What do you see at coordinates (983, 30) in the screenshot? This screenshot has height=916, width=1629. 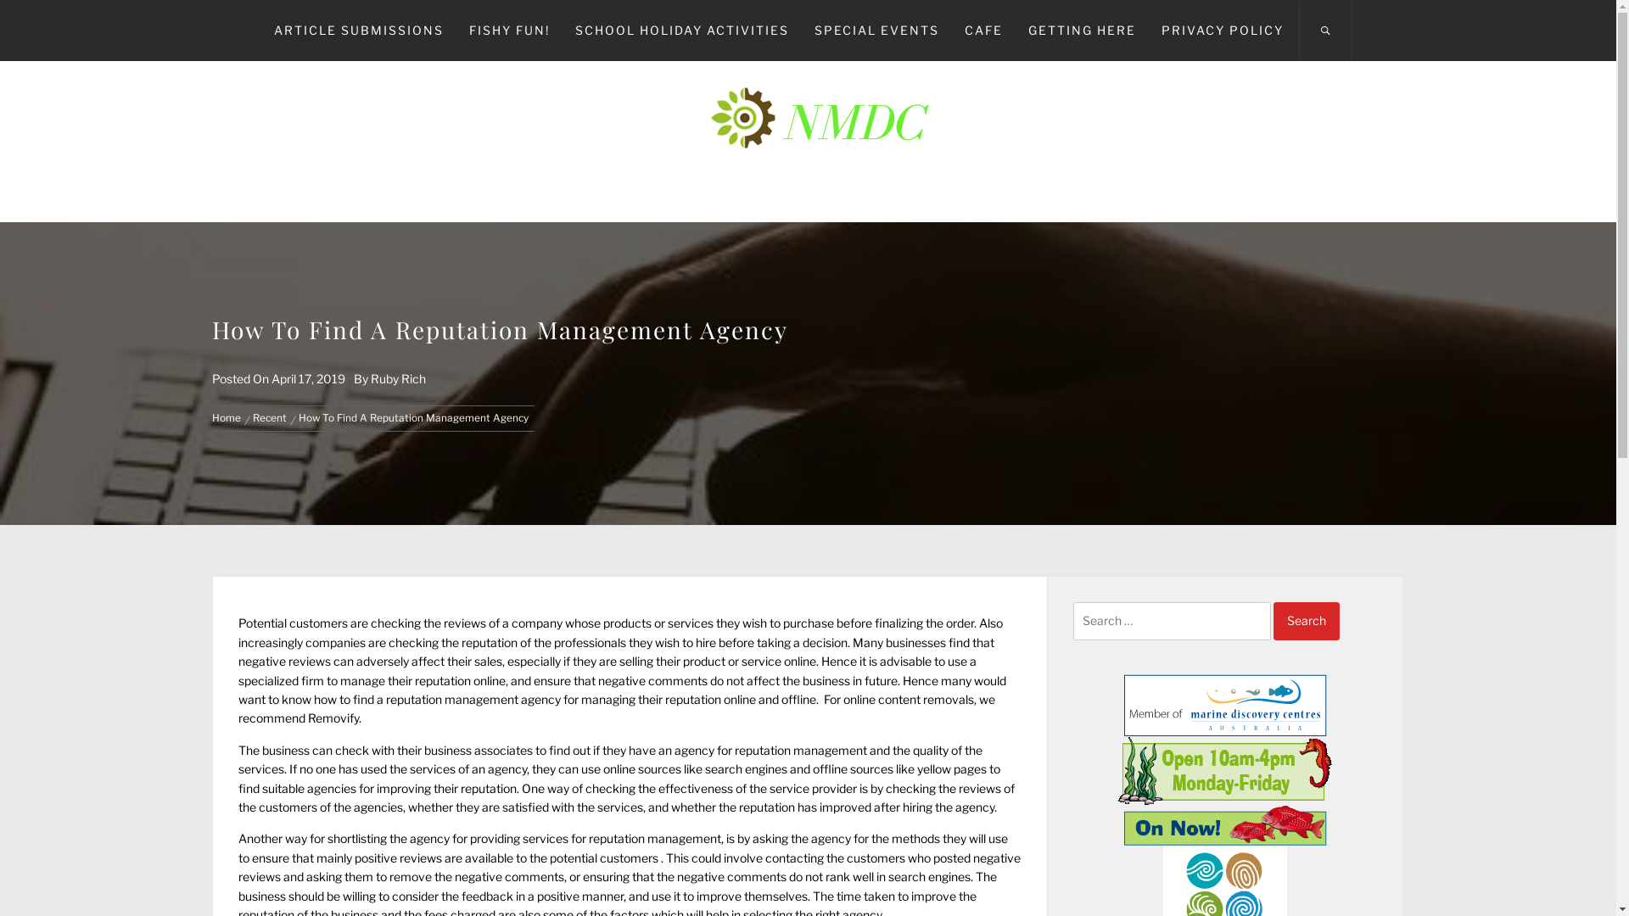 I see `'CAFE'` at bounding box center [983, 30].